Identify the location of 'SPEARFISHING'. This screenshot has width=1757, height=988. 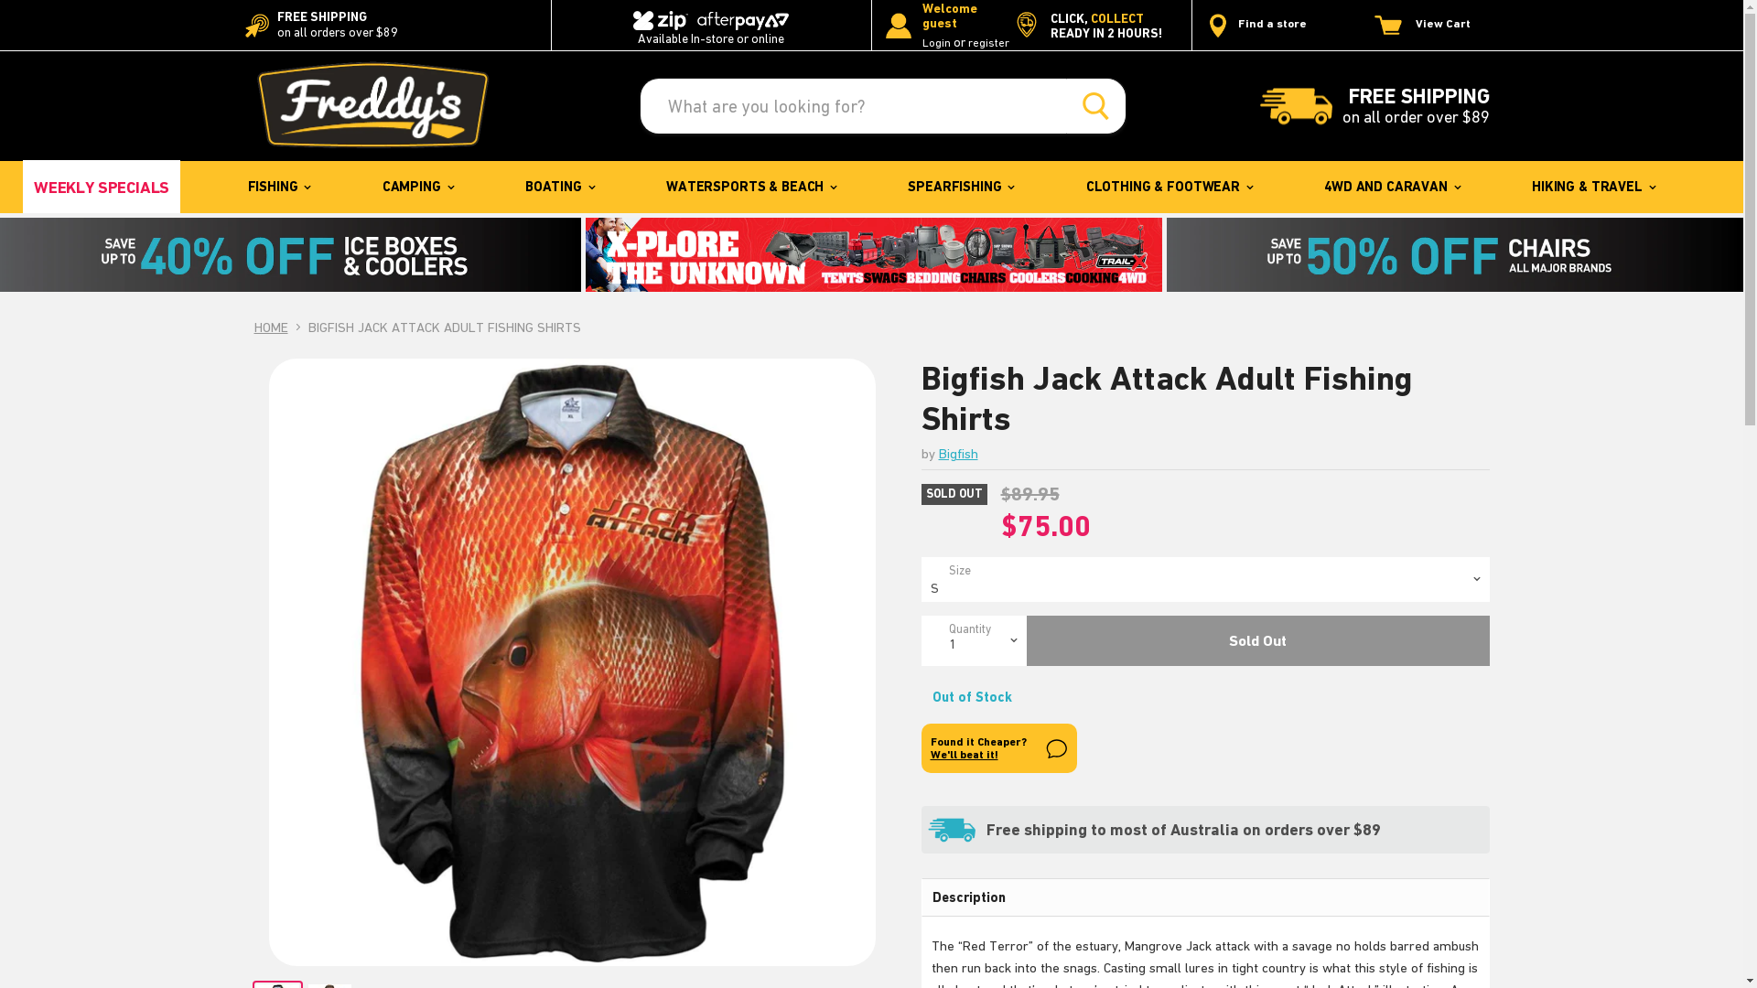
(959, 187).